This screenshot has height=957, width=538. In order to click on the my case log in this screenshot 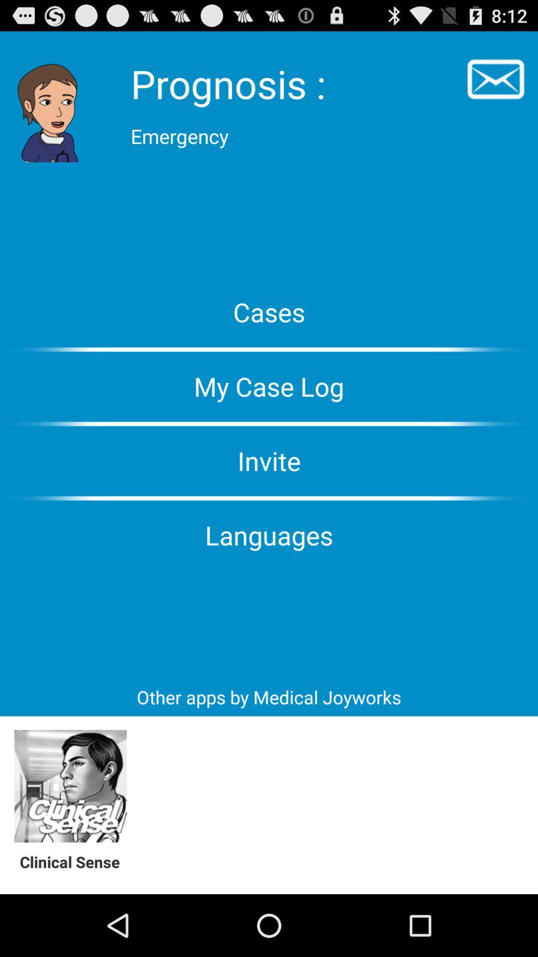, I will do `click(269, 386)`.